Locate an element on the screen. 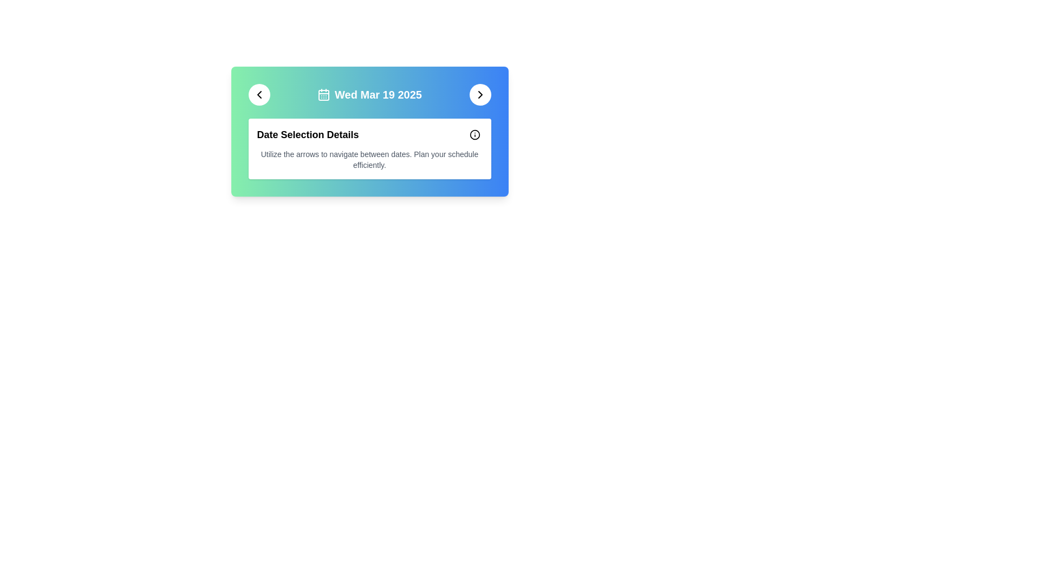  the date indicator displaying 'Wed Mar 19 2025' which is part of the header section styled with a gradient background and positioned between two navigation buttons is located at coordinates (369, 94).